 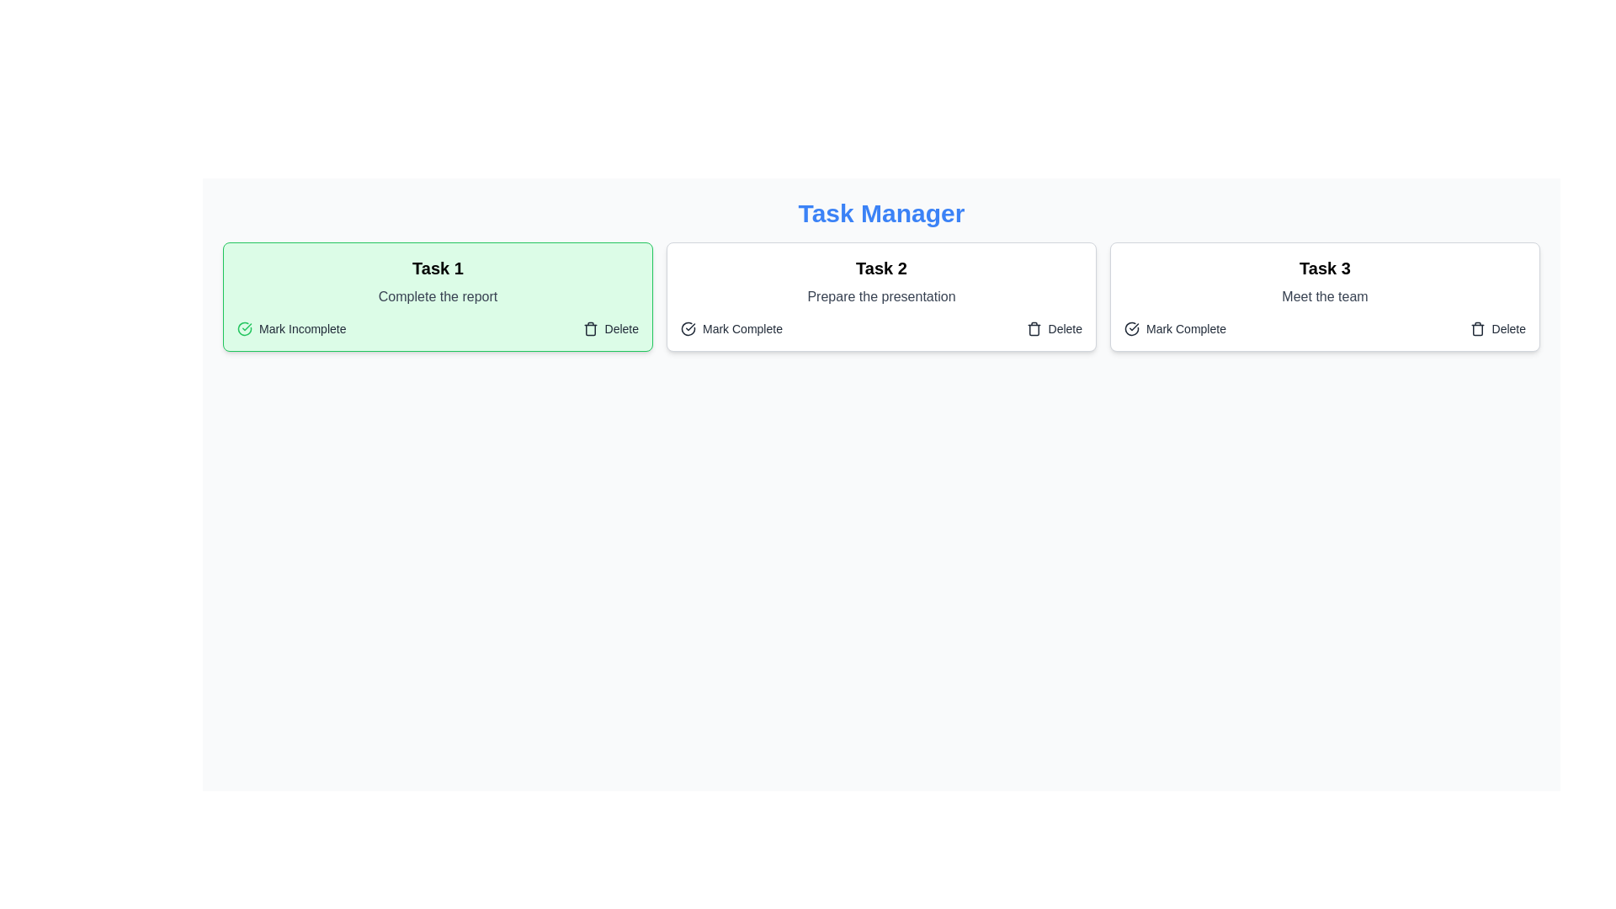 What do you see at coordinates (438, 268) in the screenshot?
I see `the text label that serves as the title or identifier for the task card, which is aligned at the top-center of the green task card` at bounding box center [438, 268].